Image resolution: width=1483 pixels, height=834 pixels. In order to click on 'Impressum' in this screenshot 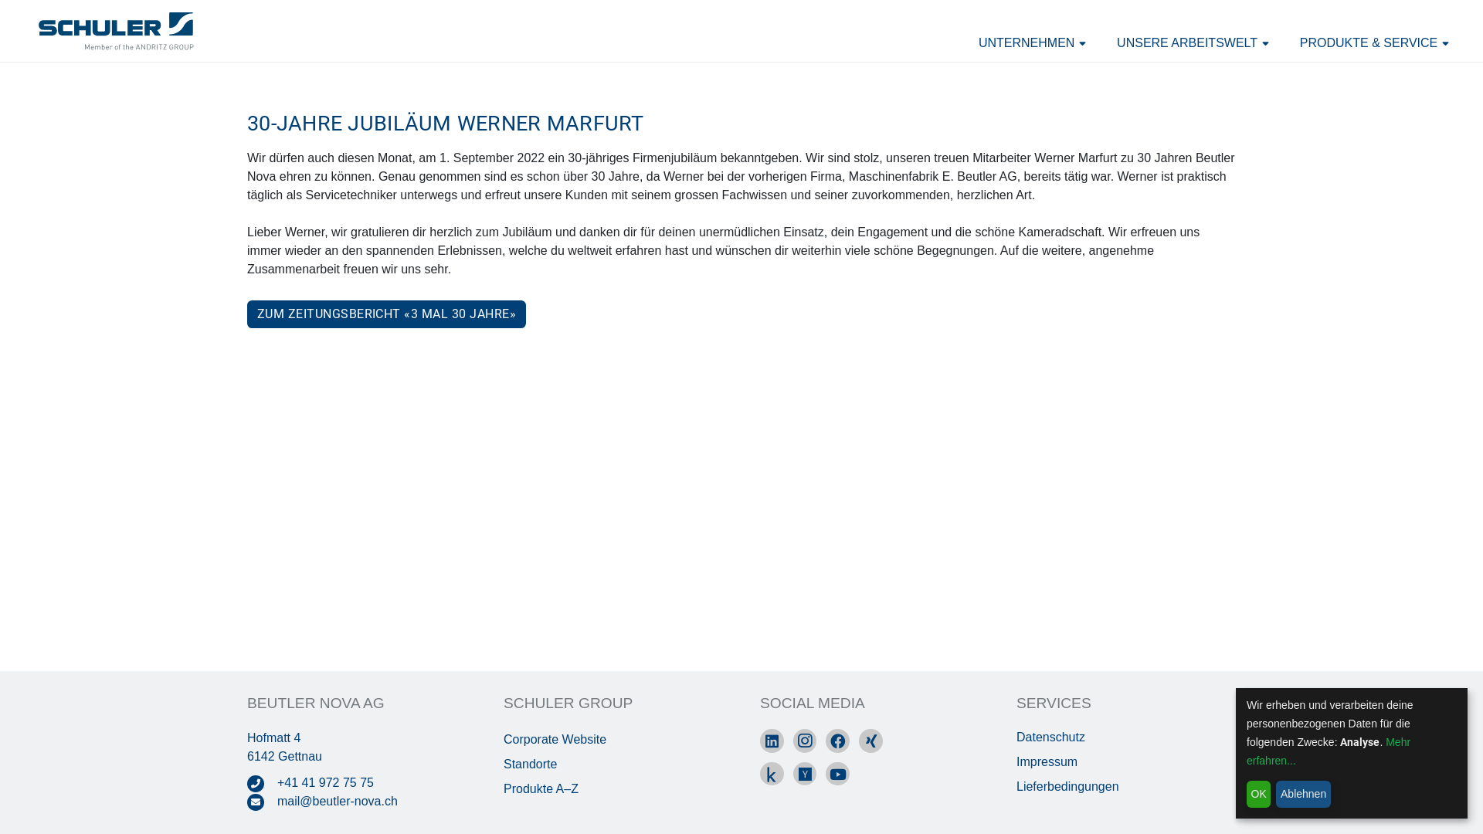, I will do `click(1047, 761)`.